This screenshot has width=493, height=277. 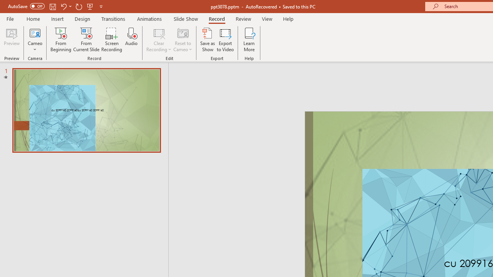 What do you see at coordinates (113, 18) in the screenshot?
I see `'Transitions'` at bounding box center [113, 18].